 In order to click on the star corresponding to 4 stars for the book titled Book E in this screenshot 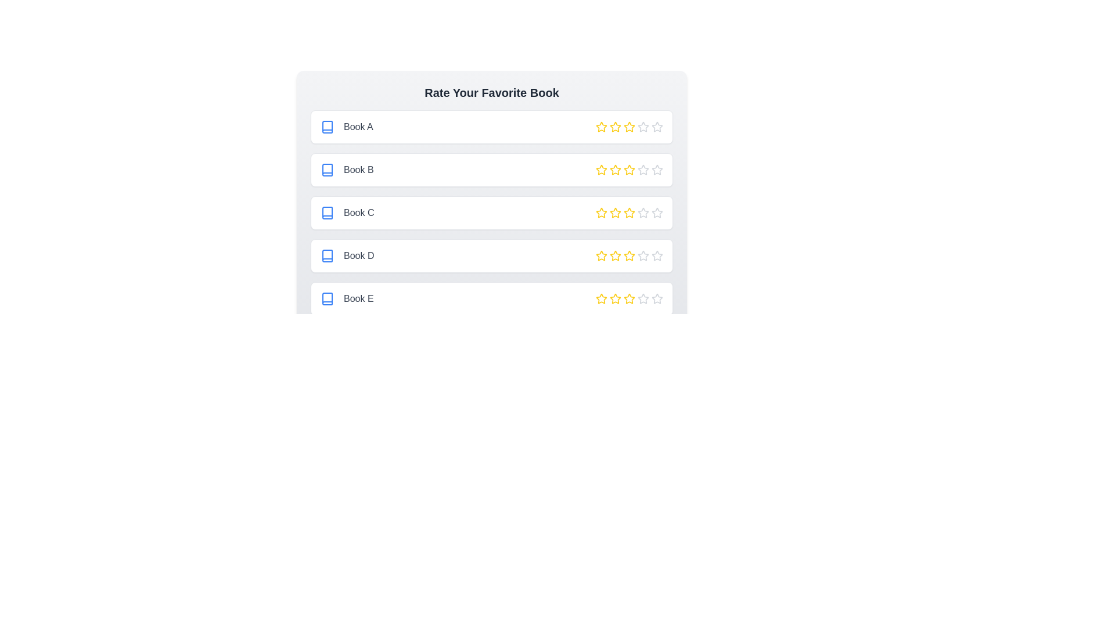, I will do `click(643, 298)`.